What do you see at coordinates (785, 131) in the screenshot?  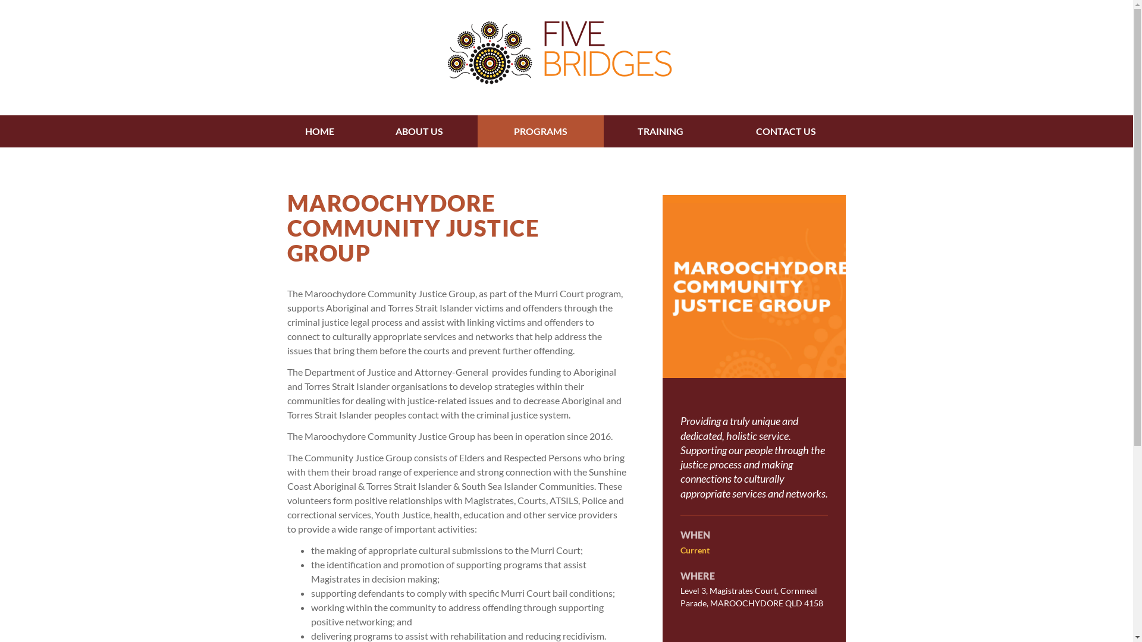 I see `'CONTACT US'` at bounding box center [785, 131].